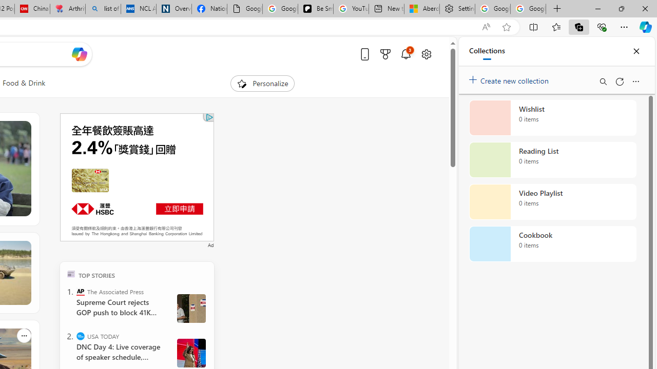 This screenshot has height=369, width=657. What do you see at coordinates (136, 176) in the screenshot?
I see `'AutomationID: canvas'` at bounding box center [136, 176].